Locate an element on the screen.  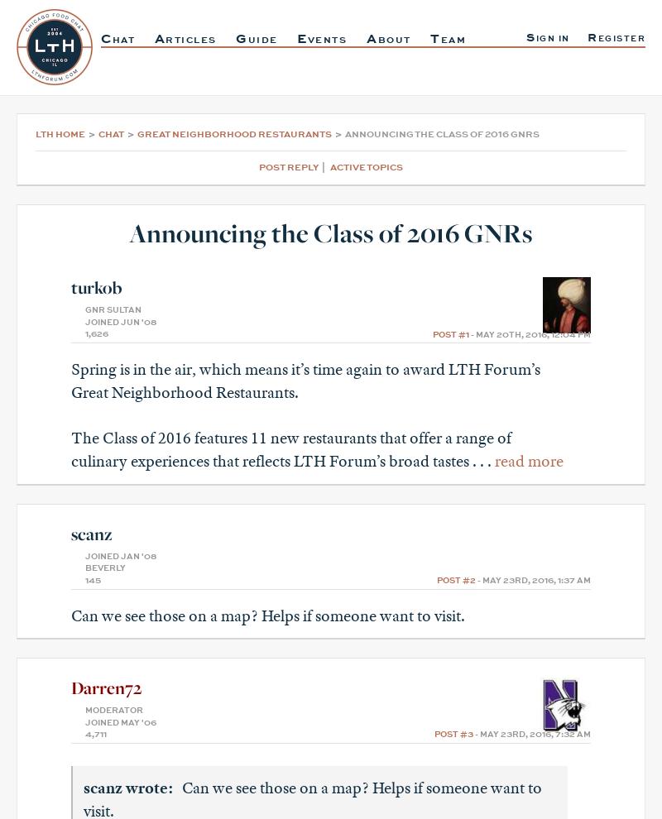
'LTH Home' is located at coordinates (34, 134).